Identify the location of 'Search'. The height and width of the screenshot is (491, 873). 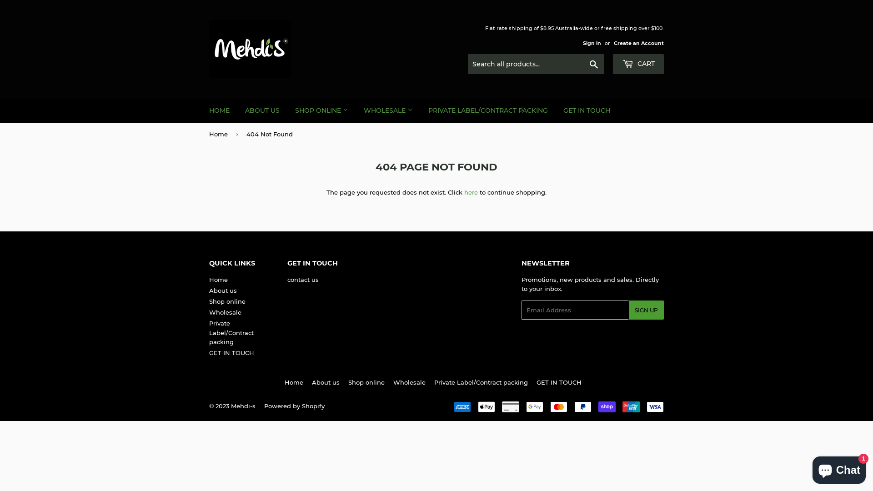
(594, 64).